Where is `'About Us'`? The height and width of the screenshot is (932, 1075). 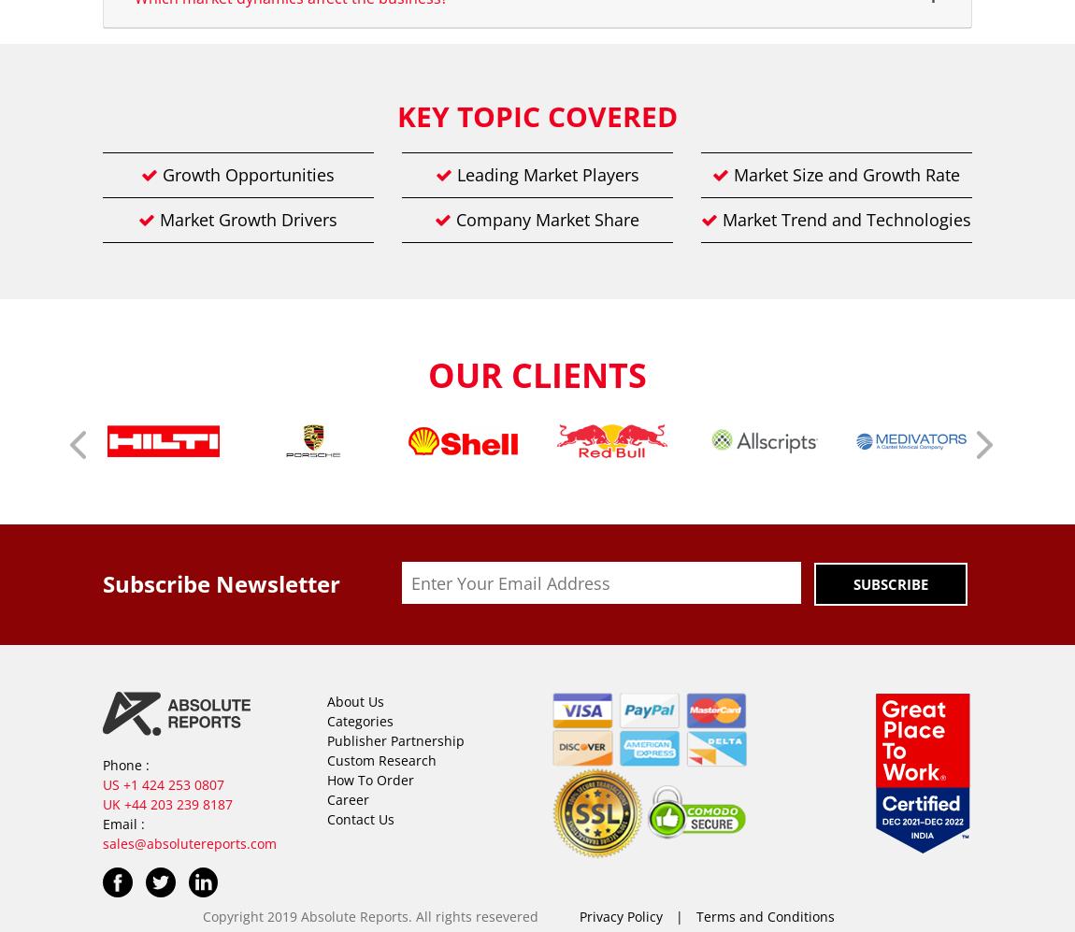 'About Us' is located at coordinates (355, 701).